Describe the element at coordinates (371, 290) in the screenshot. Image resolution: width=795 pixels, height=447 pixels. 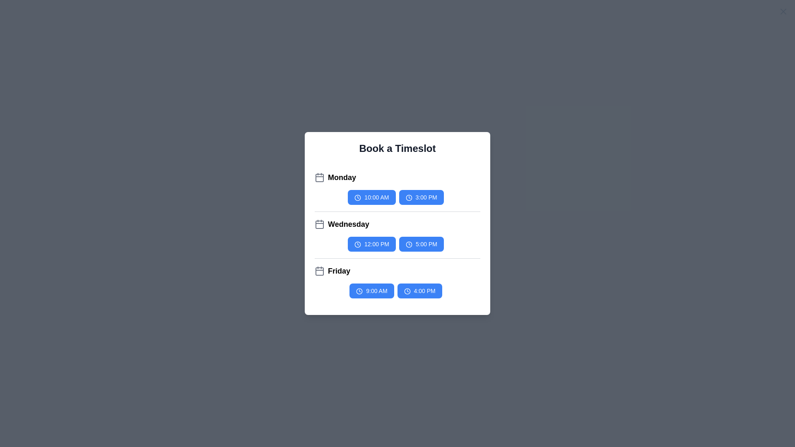
I see `the timeslot button labeled 9:00 AM` at that location.